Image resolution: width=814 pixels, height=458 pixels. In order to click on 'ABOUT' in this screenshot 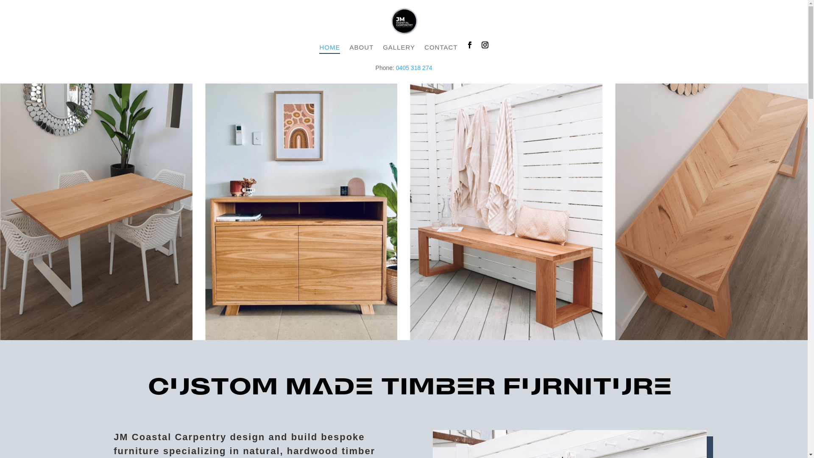, I will do `click(361, 54)`.